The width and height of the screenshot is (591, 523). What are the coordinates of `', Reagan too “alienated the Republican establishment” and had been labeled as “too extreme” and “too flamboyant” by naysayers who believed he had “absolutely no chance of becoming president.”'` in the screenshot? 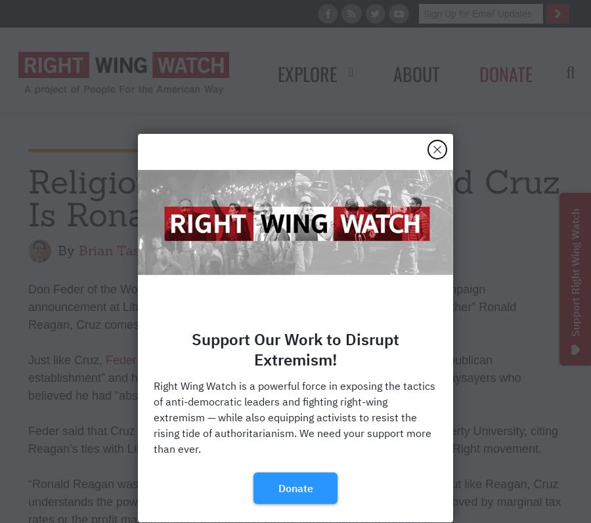 It's located at (274, 377).